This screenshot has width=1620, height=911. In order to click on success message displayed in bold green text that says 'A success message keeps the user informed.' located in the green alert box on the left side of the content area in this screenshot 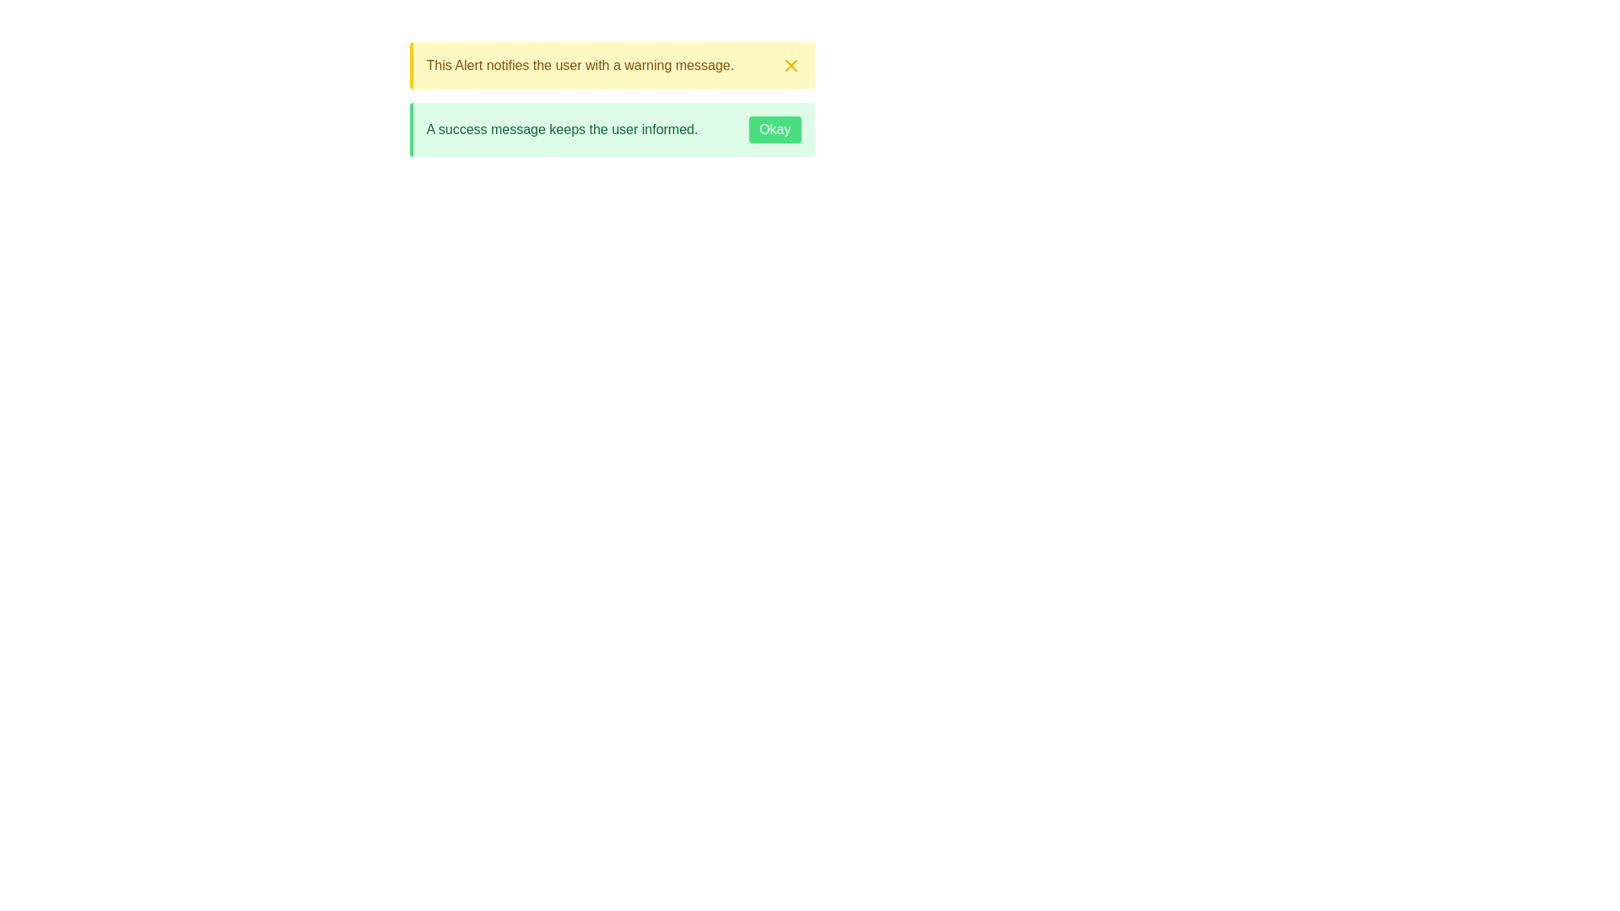, I will do `click(562, 129)`.